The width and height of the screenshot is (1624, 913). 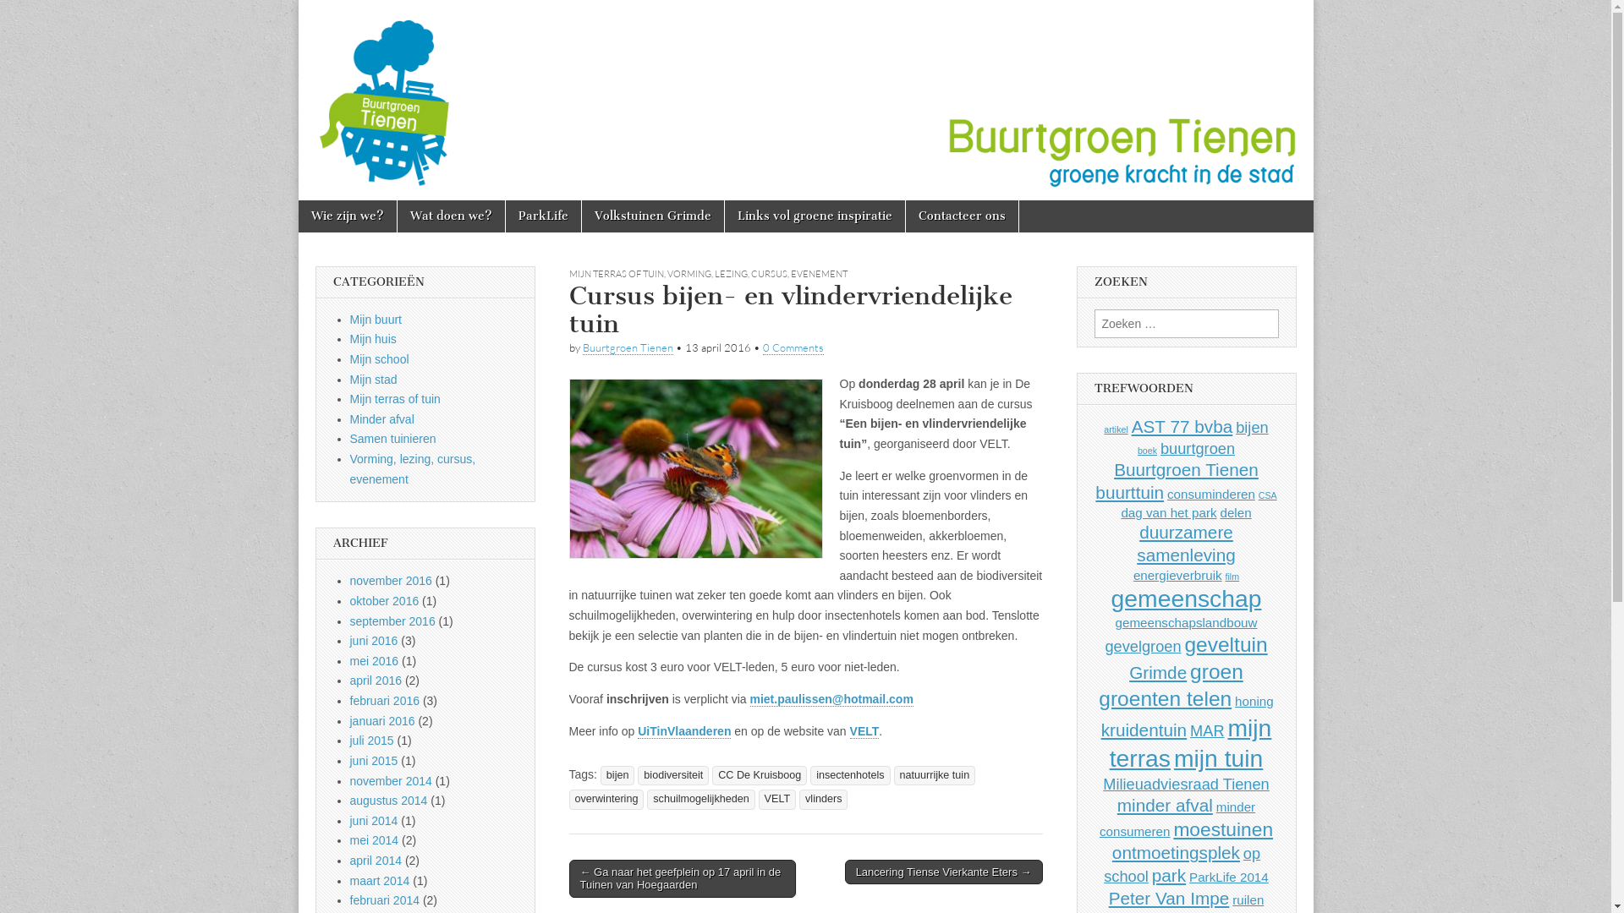 I want to click on 'artikel', so click(x=1116, y=429).